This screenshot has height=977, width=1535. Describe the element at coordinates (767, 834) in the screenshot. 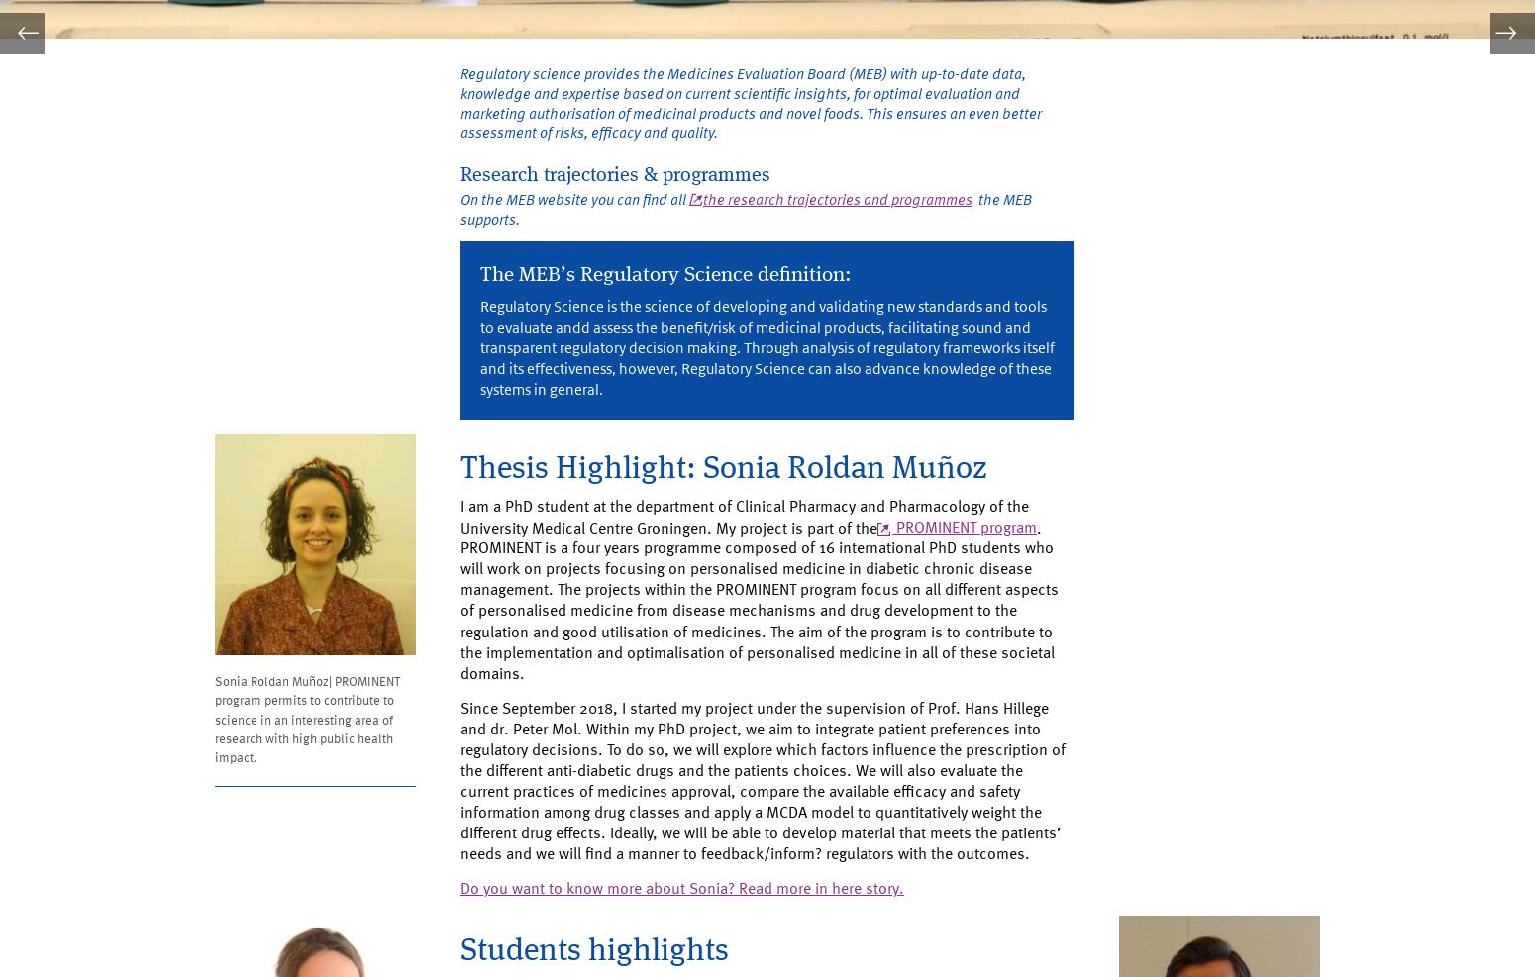

I see `'Since September 2018, I started my project under the supervision of Prof. Hans Hillege and dr. Peter Mol. Within my PhD project, we aim to integrate patient preferences into regulatory decisions. To do so, we will explore which factors influence the prescription of the different anti-diabetic drugs and the patients choices. We will also evaluate the current practices of medicines approval, compare the available efficacy and safety information among drug classes and apply a MCDA model to quantitatively weight the different drug effects. Ideally, we will be able to develop material that meets the patients’ needs and we will find a manner to feedback/inform? regulators with the outcomes.'` at that location.